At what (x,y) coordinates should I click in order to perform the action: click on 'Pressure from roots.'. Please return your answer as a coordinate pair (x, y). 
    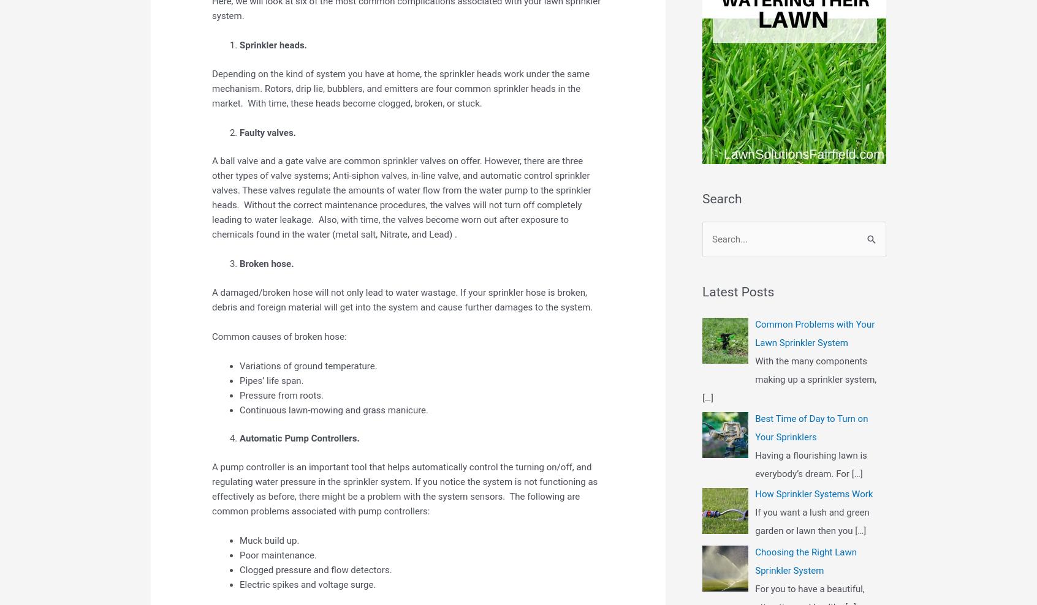
    Looking at the image, I should click on (281, 394).